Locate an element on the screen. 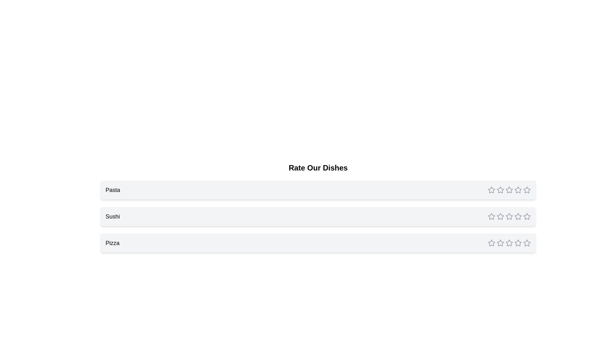  the second star in the interactive rating stars group located in the 'Pizza' section is located at coordinates (509, 243).